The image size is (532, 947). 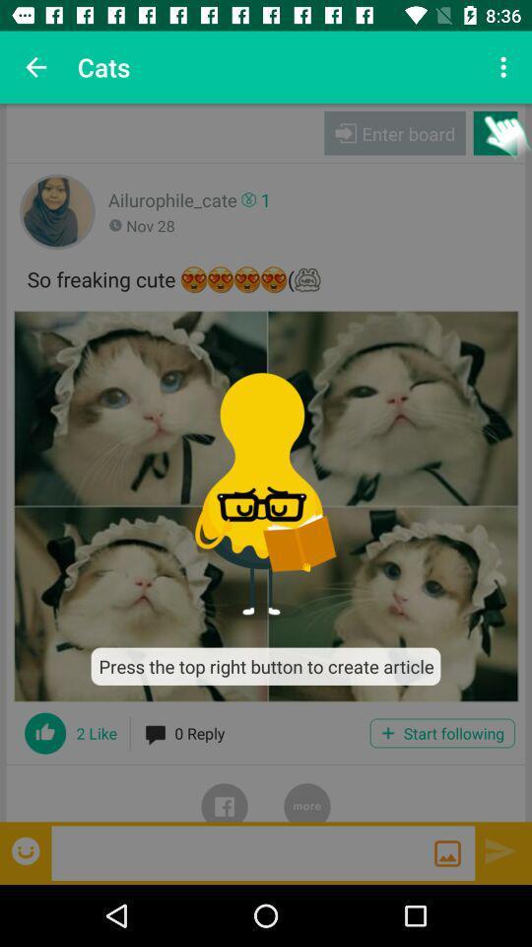 What do you see at coordinates (266, 505) in the screenshot?
I see `open full picture` at bounding box center [266, 505].